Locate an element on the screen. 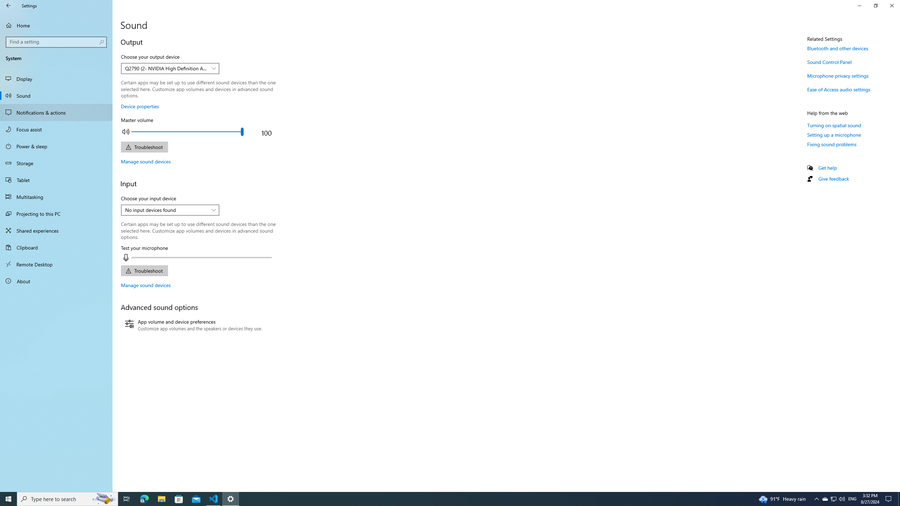 The image size is (900, 506). 'Bluetooth and other devices' is located at coordinates (837, 48).